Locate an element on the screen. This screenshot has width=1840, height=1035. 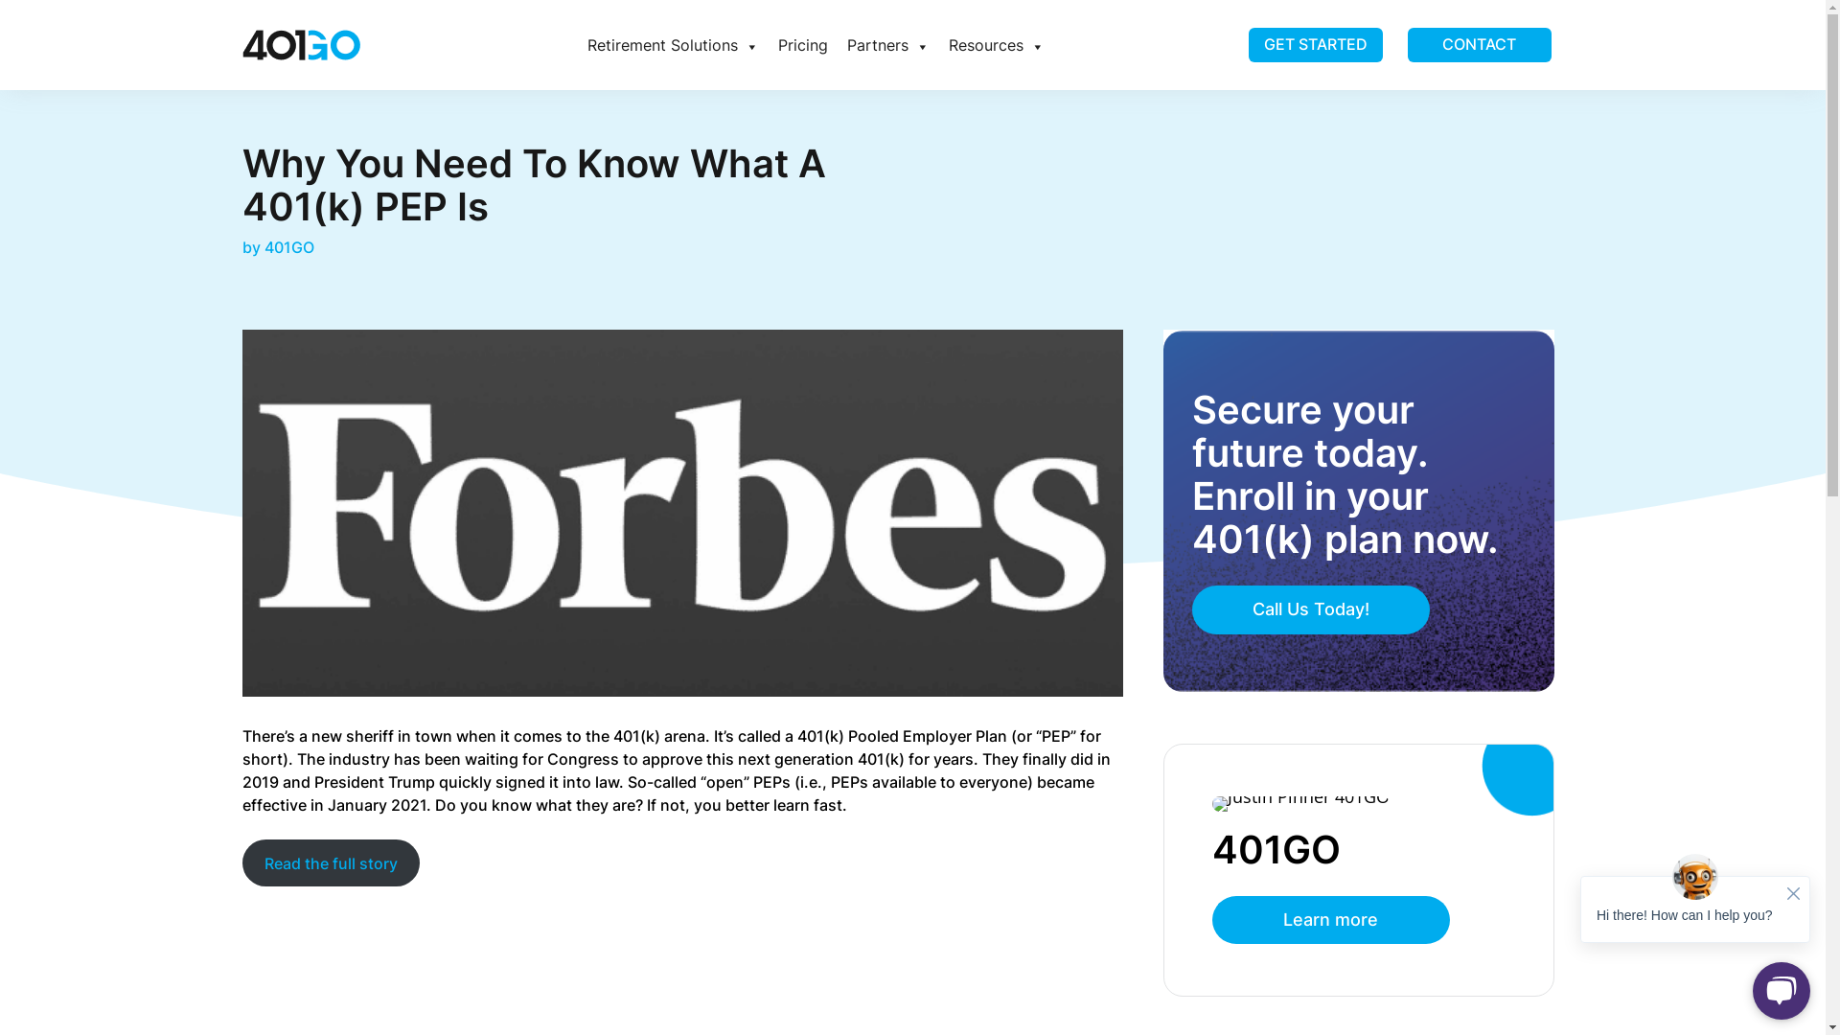
'Learn more' is located at coordinates (1329, 919).